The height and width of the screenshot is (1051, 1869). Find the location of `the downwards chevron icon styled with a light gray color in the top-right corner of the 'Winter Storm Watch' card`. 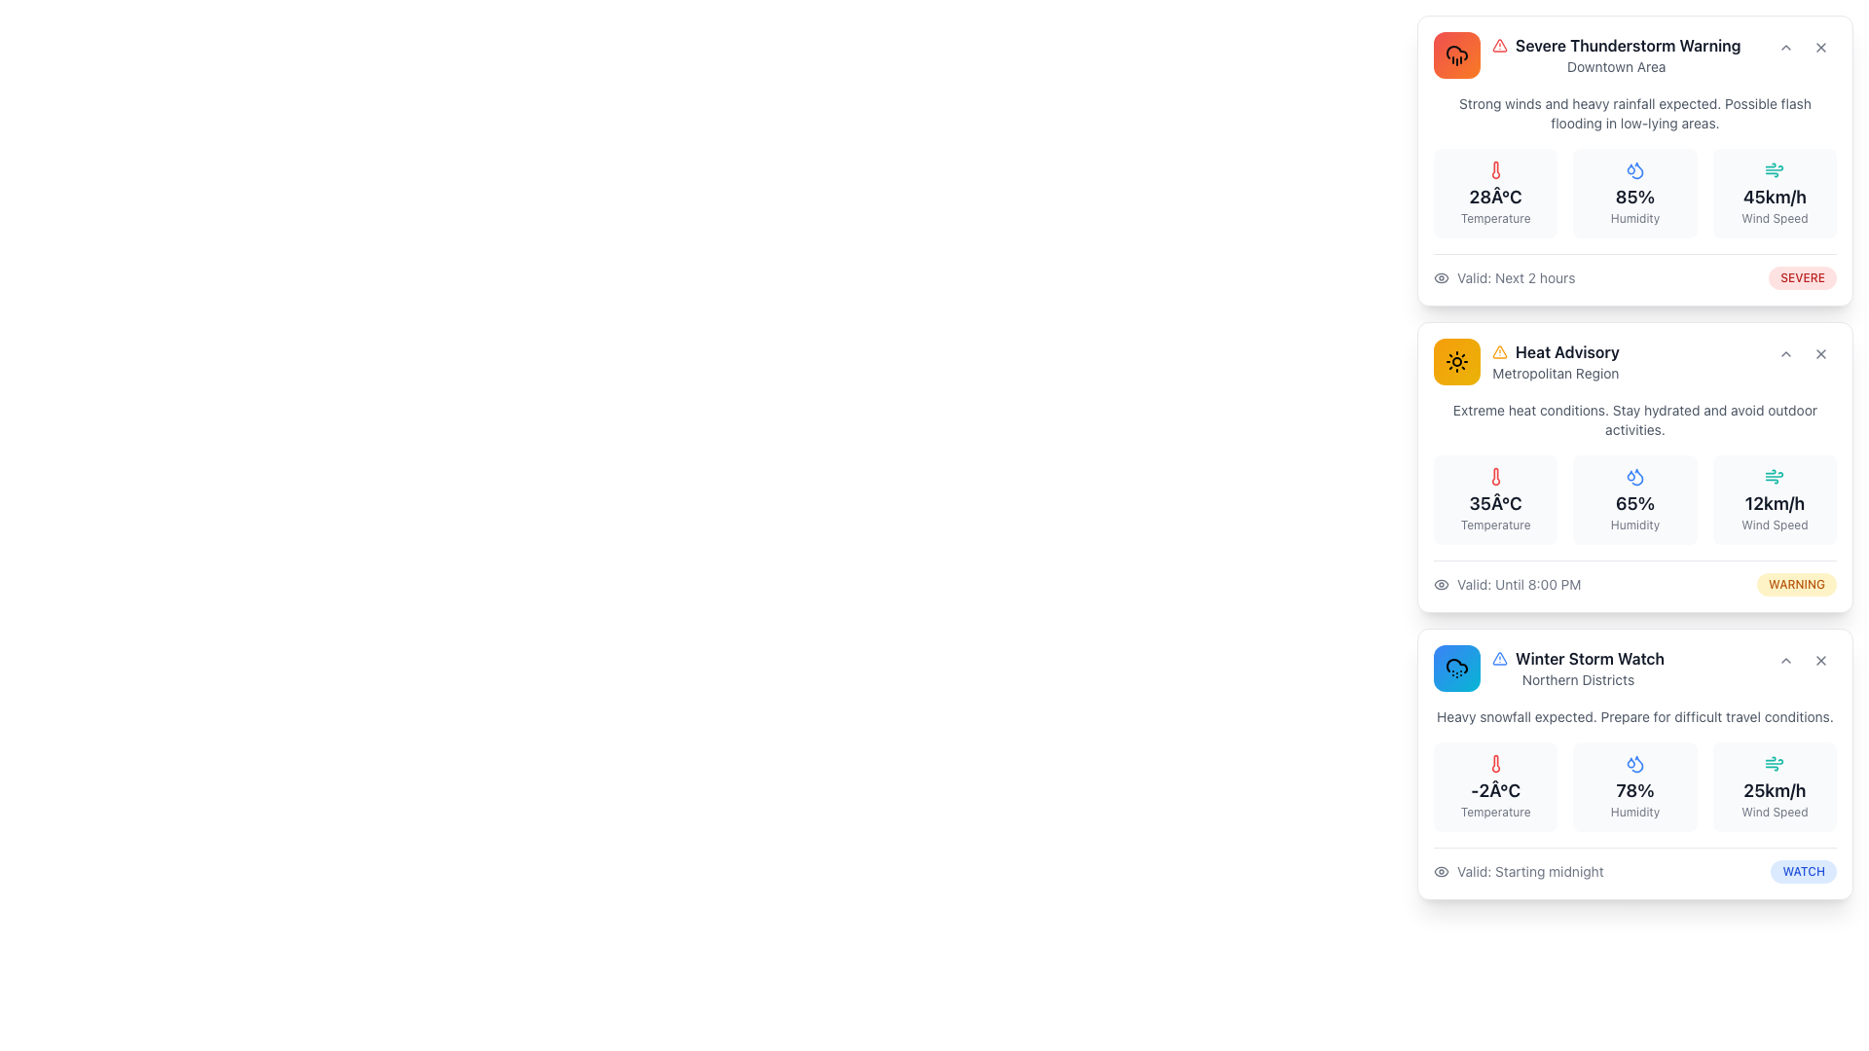

the downwards chevron icon styled with a light gray color in the top-right corner of the 'Winter Storm Watch' card is located at coordinates (1785, 659).